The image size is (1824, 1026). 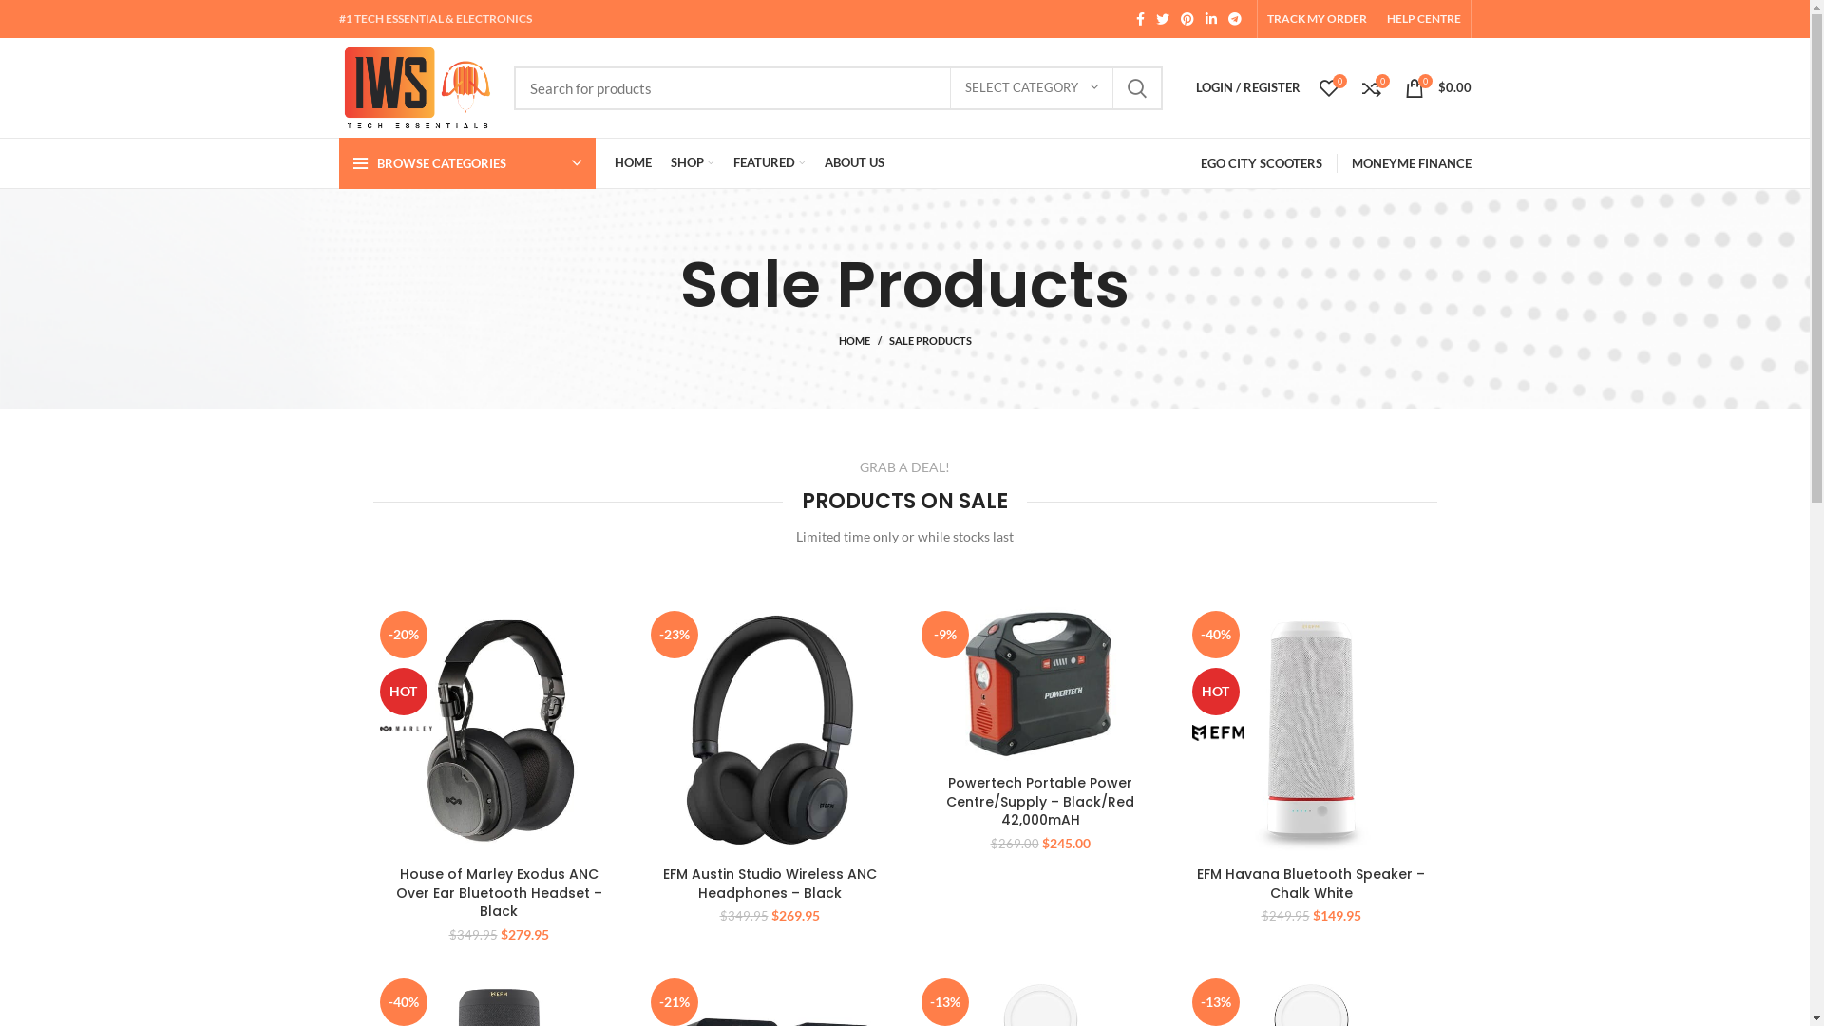 I want to click on 'HELP CENTRE', so click(x=1386, y=18).